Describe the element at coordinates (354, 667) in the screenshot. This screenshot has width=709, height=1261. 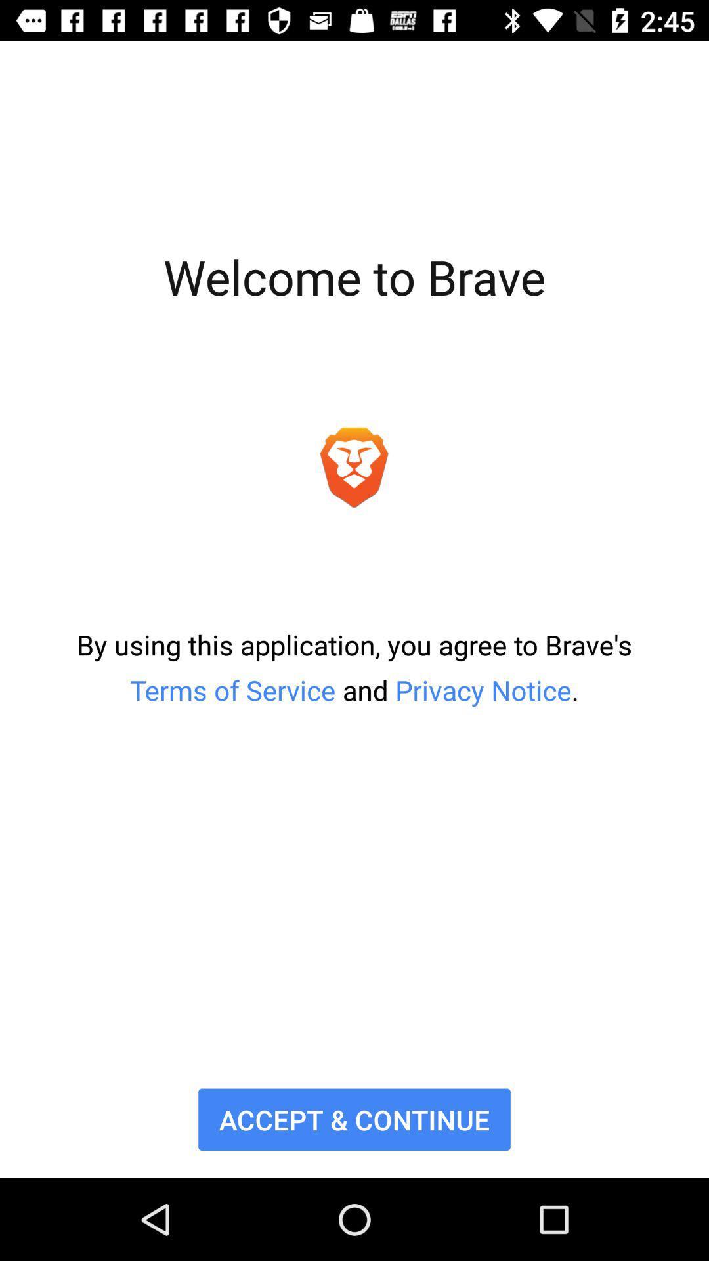
I see `the icon above accept & continue item` at that location.